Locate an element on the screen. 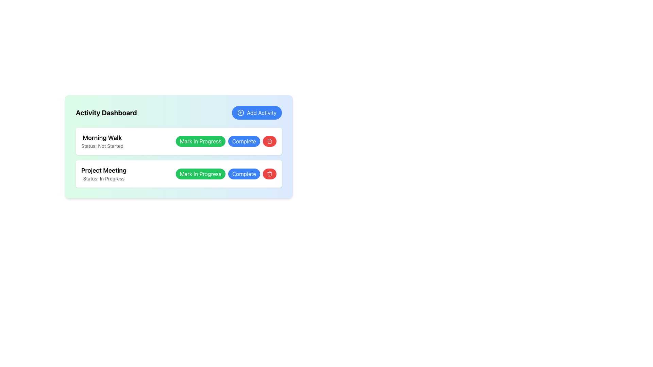 This screenshot has width=653, height=367. the 'Complete' button located in the button group for the 'Project Meeting' activity to observe hover styling is located at coordinates (244, 174).